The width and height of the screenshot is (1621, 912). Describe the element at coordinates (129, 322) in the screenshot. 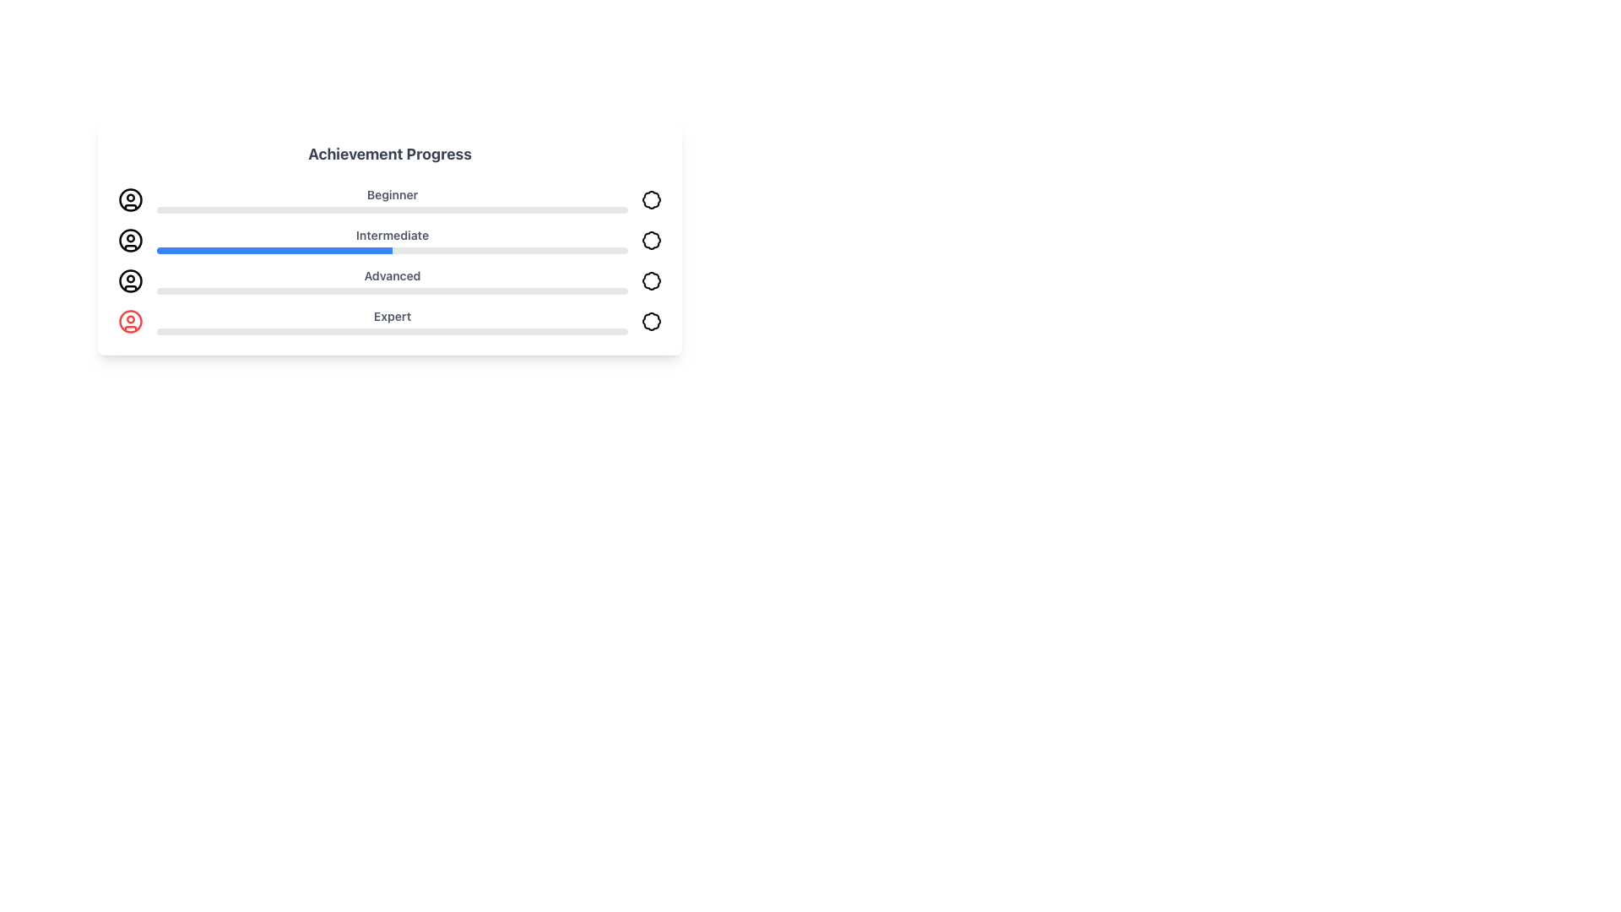

I see `the circular graphical icon that serves as a user or status representation, positioned at the leftmost side of the interface next to the 'Expert' label` at that location.